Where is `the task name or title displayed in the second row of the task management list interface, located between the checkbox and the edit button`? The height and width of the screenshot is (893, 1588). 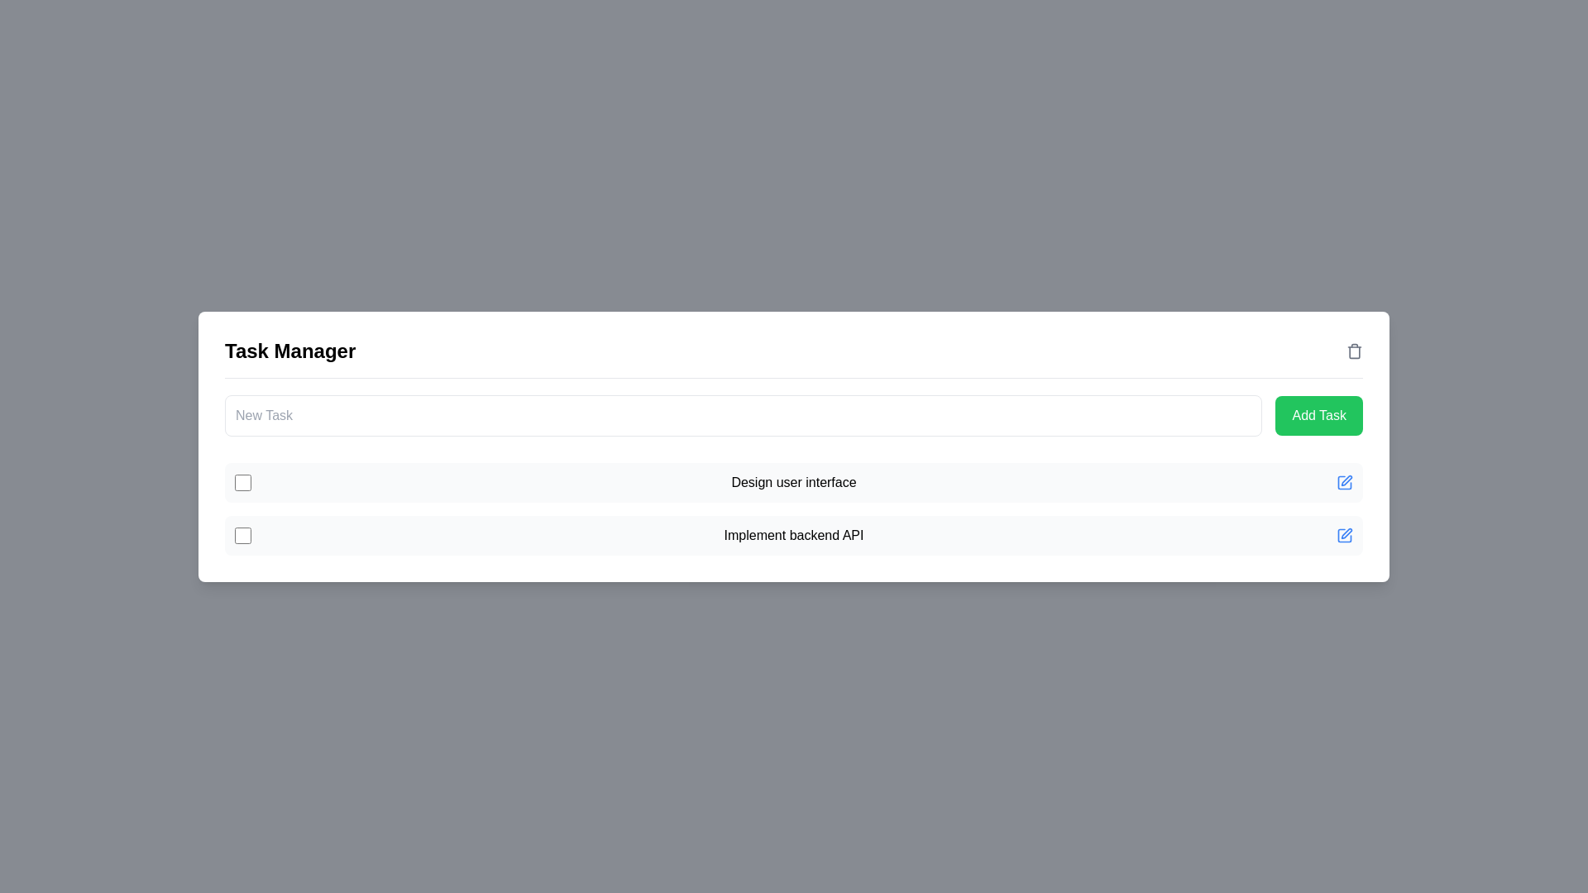
the task name or title displayed in the second row of the task management list interface, located between the checkbox and the edit button is located at coordinates (794, 535).